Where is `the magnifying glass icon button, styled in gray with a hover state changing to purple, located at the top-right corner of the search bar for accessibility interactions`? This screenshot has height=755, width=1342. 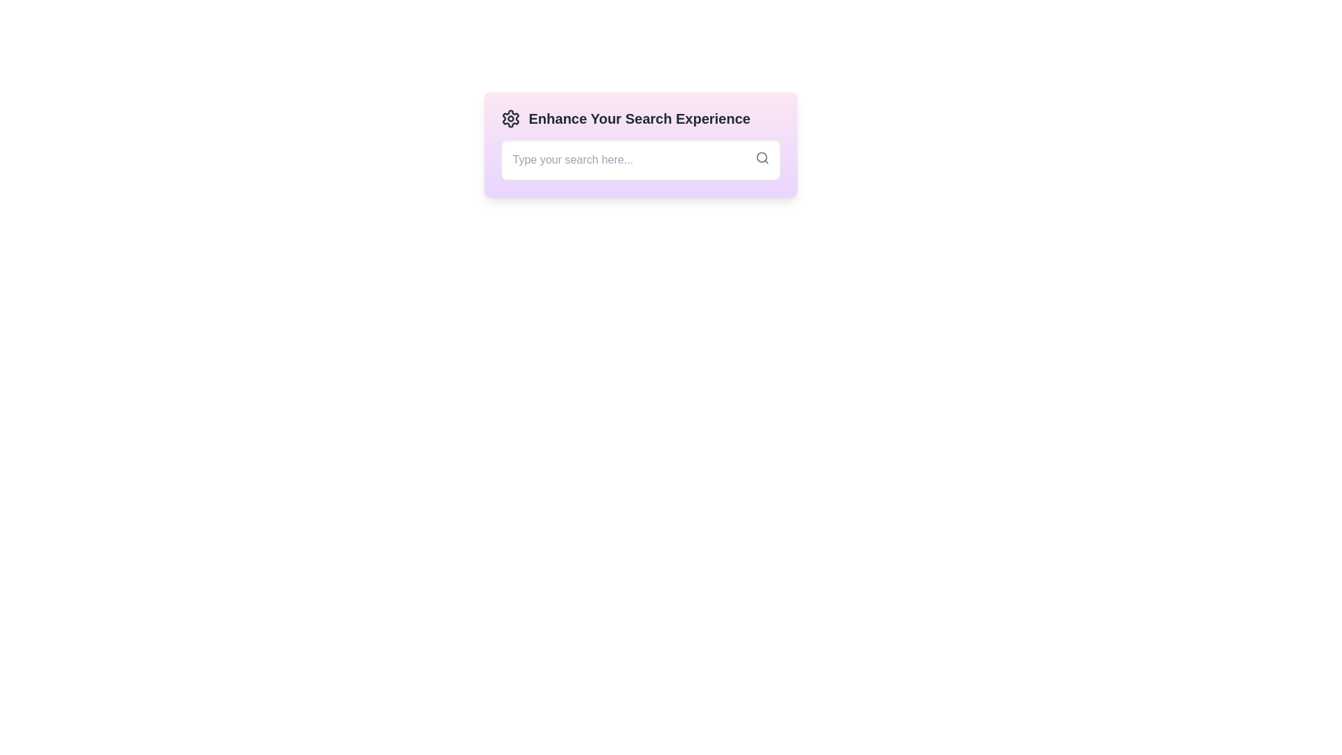
the magnifying glass icon button, styled in gray with a hover state changing to purple, located at the top-right corner of the search bar for accessibility interactions is located at coordinates (761, 157).